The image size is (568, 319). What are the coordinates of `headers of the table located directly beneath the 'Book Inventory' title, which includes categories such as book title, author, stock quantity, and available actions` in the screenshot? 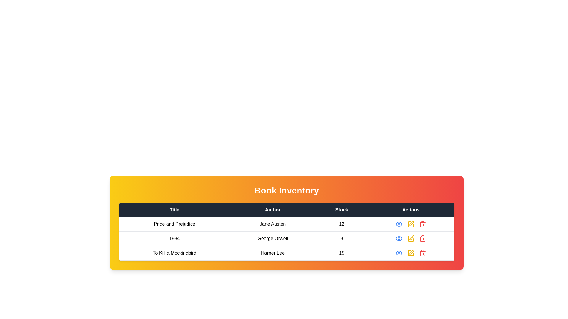 It's located at (287, 209).